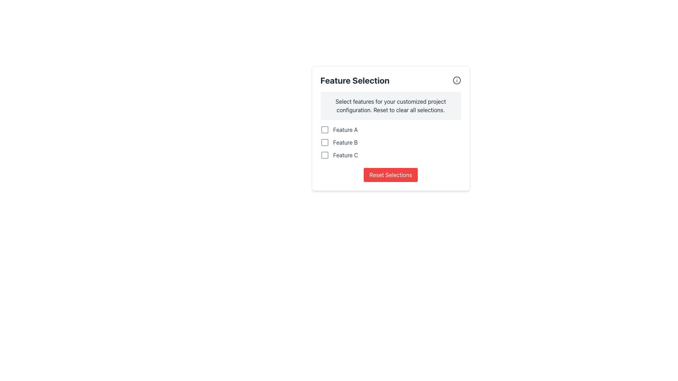  I want to click on the empty checkbox frame for 'Feature C' to trigger the tooltip or highlight effect, so click(324, 155).